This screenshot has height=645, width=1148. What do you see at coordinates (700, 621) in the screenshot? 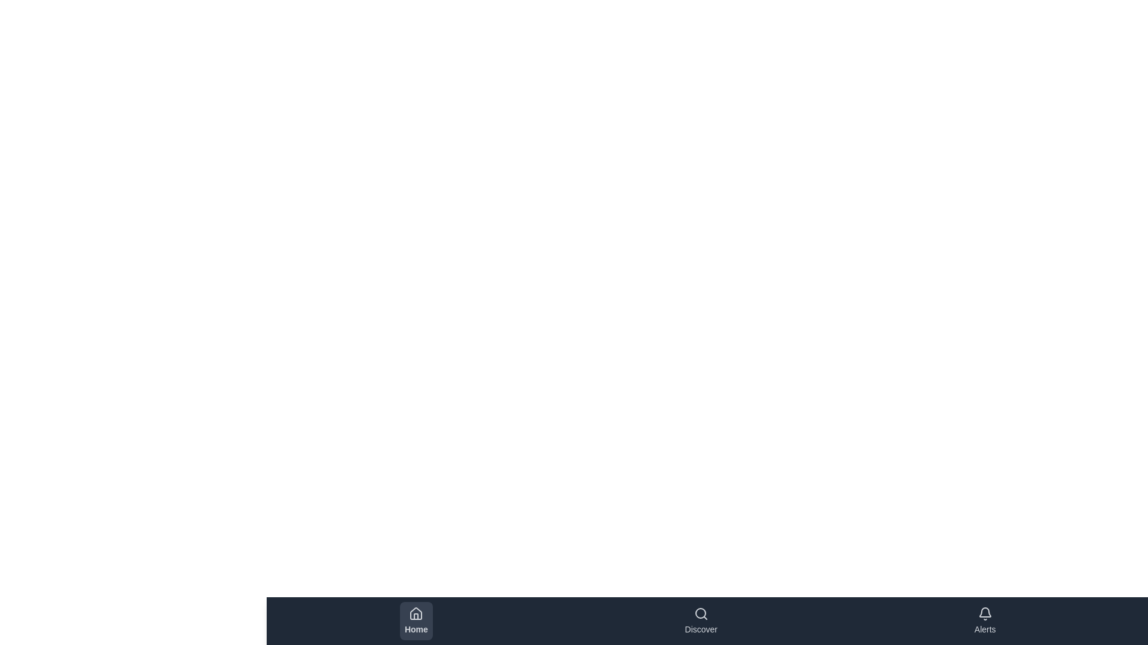
I see `the button labeled Discover to inspect its visual design` at bounding box center [700, 621].